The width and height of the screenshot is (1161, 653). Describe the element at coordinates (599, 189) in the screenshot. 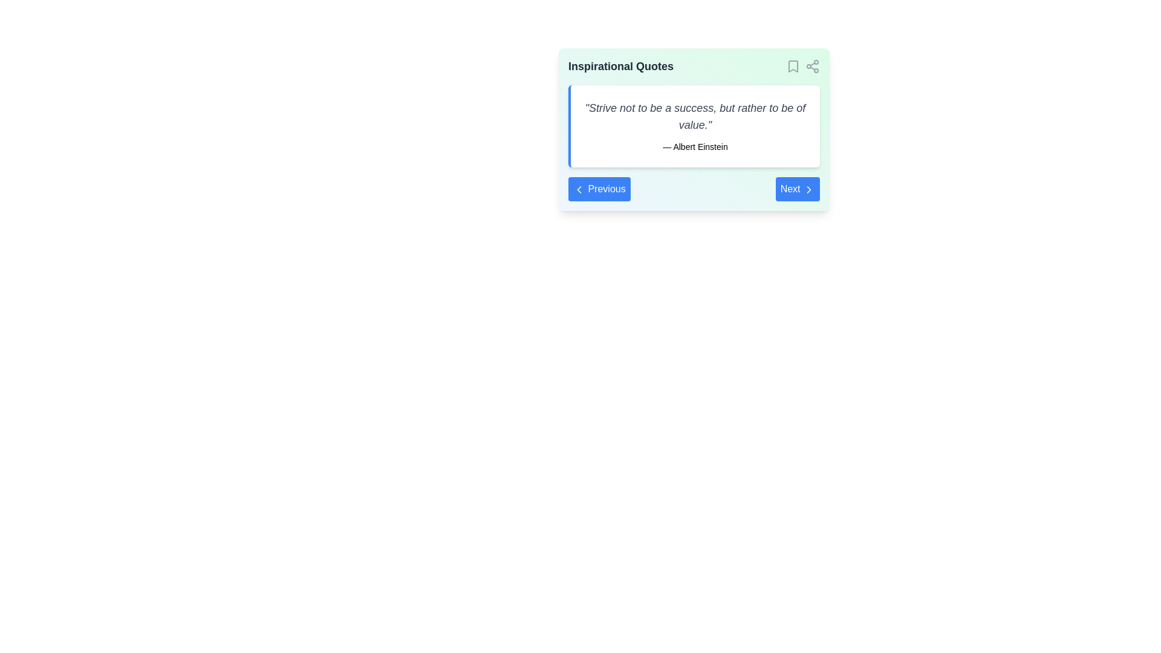

I see `the navigation button located in the lower-left section of the quote card` at that location.